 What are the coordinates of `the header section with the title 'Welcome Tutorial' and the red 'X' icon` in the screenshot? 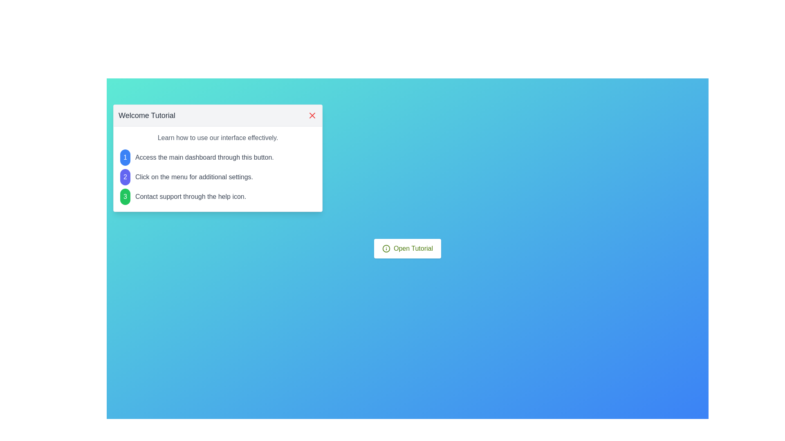 It's located at (218, 115).